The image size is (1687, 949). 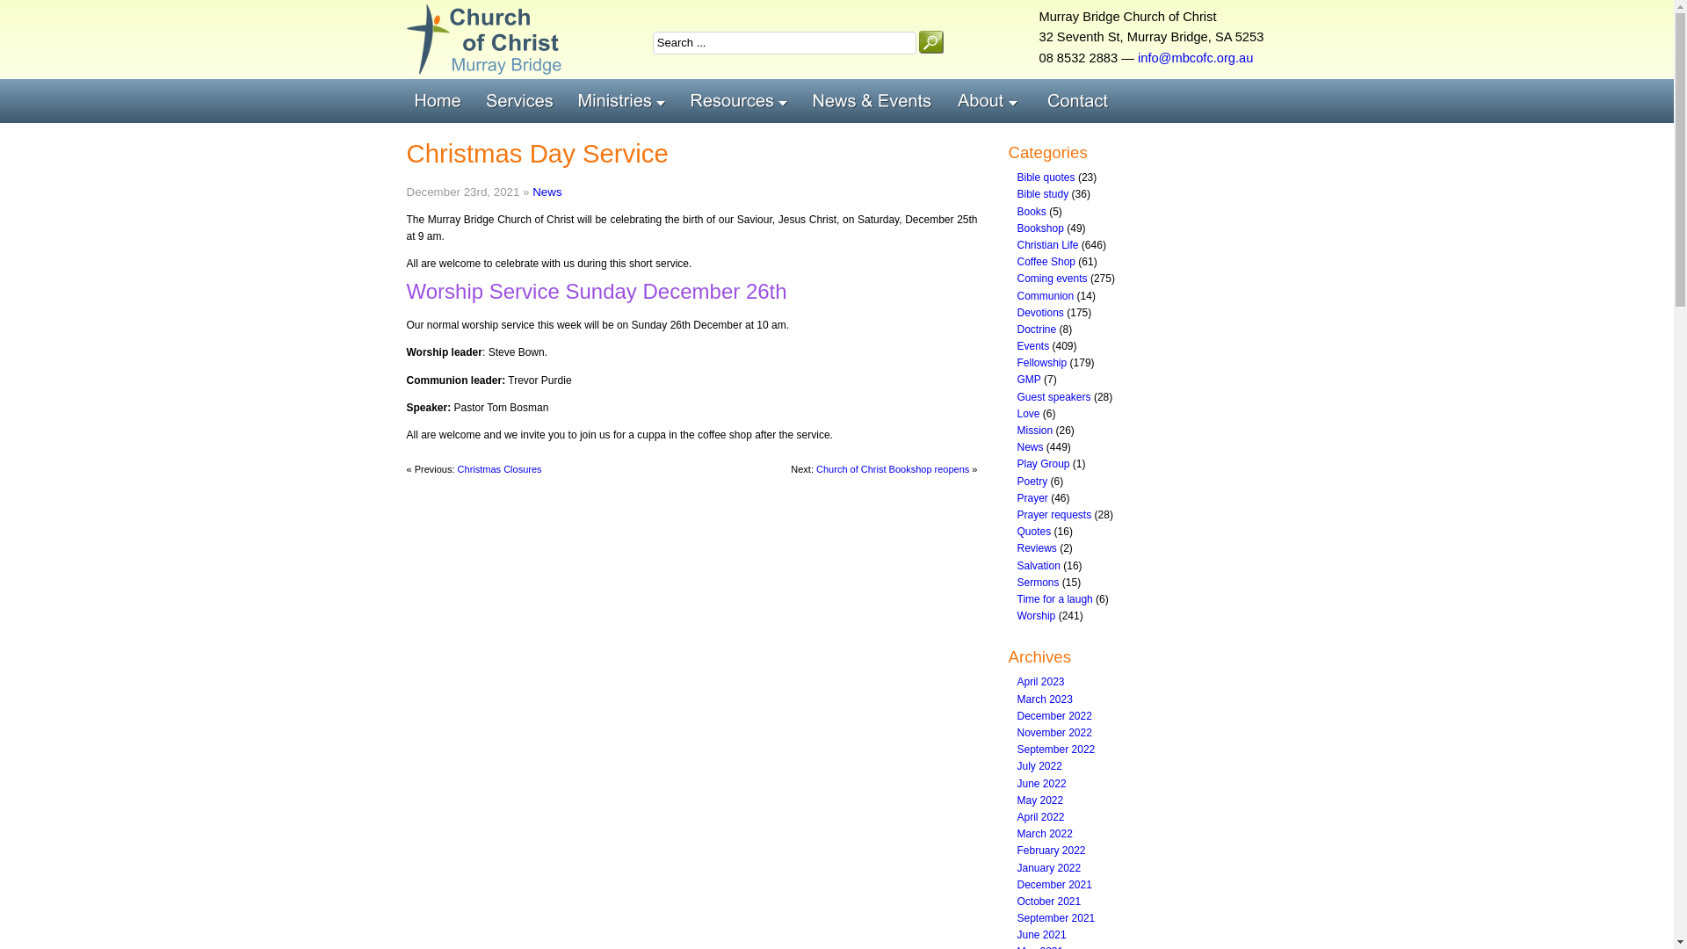 I want to click on 'Services', so click(x=477, y=101).